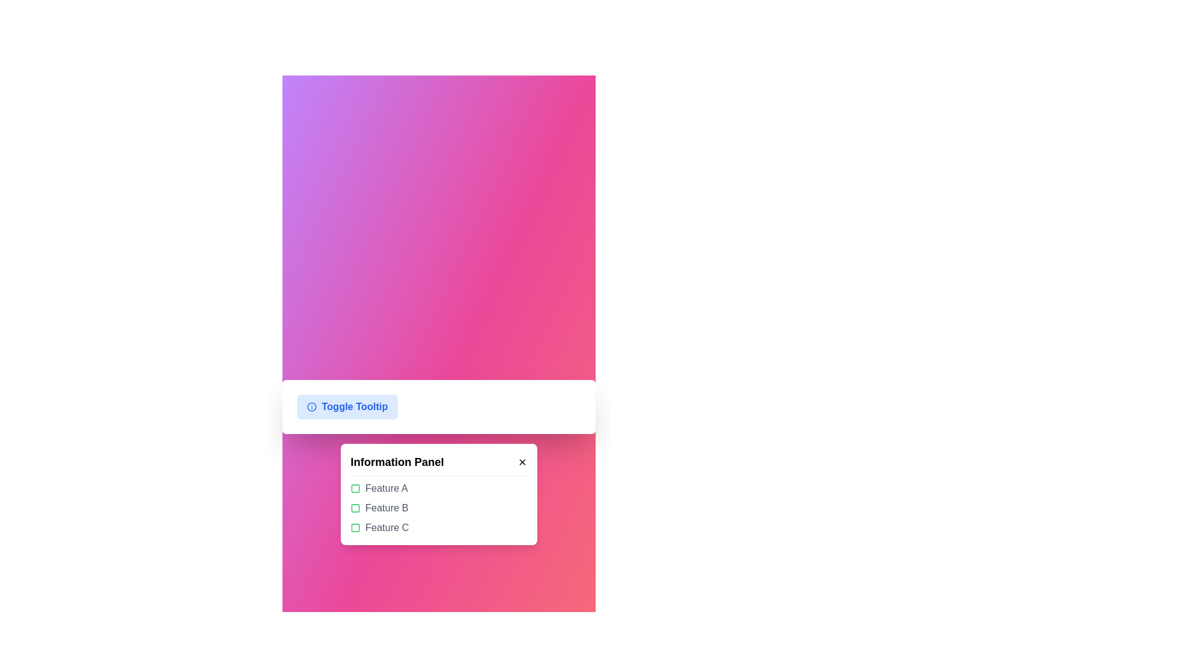  I want to click on the Checkbox for 'Feature C' using the keyboard for accessibility purposes, so click(355, 527).